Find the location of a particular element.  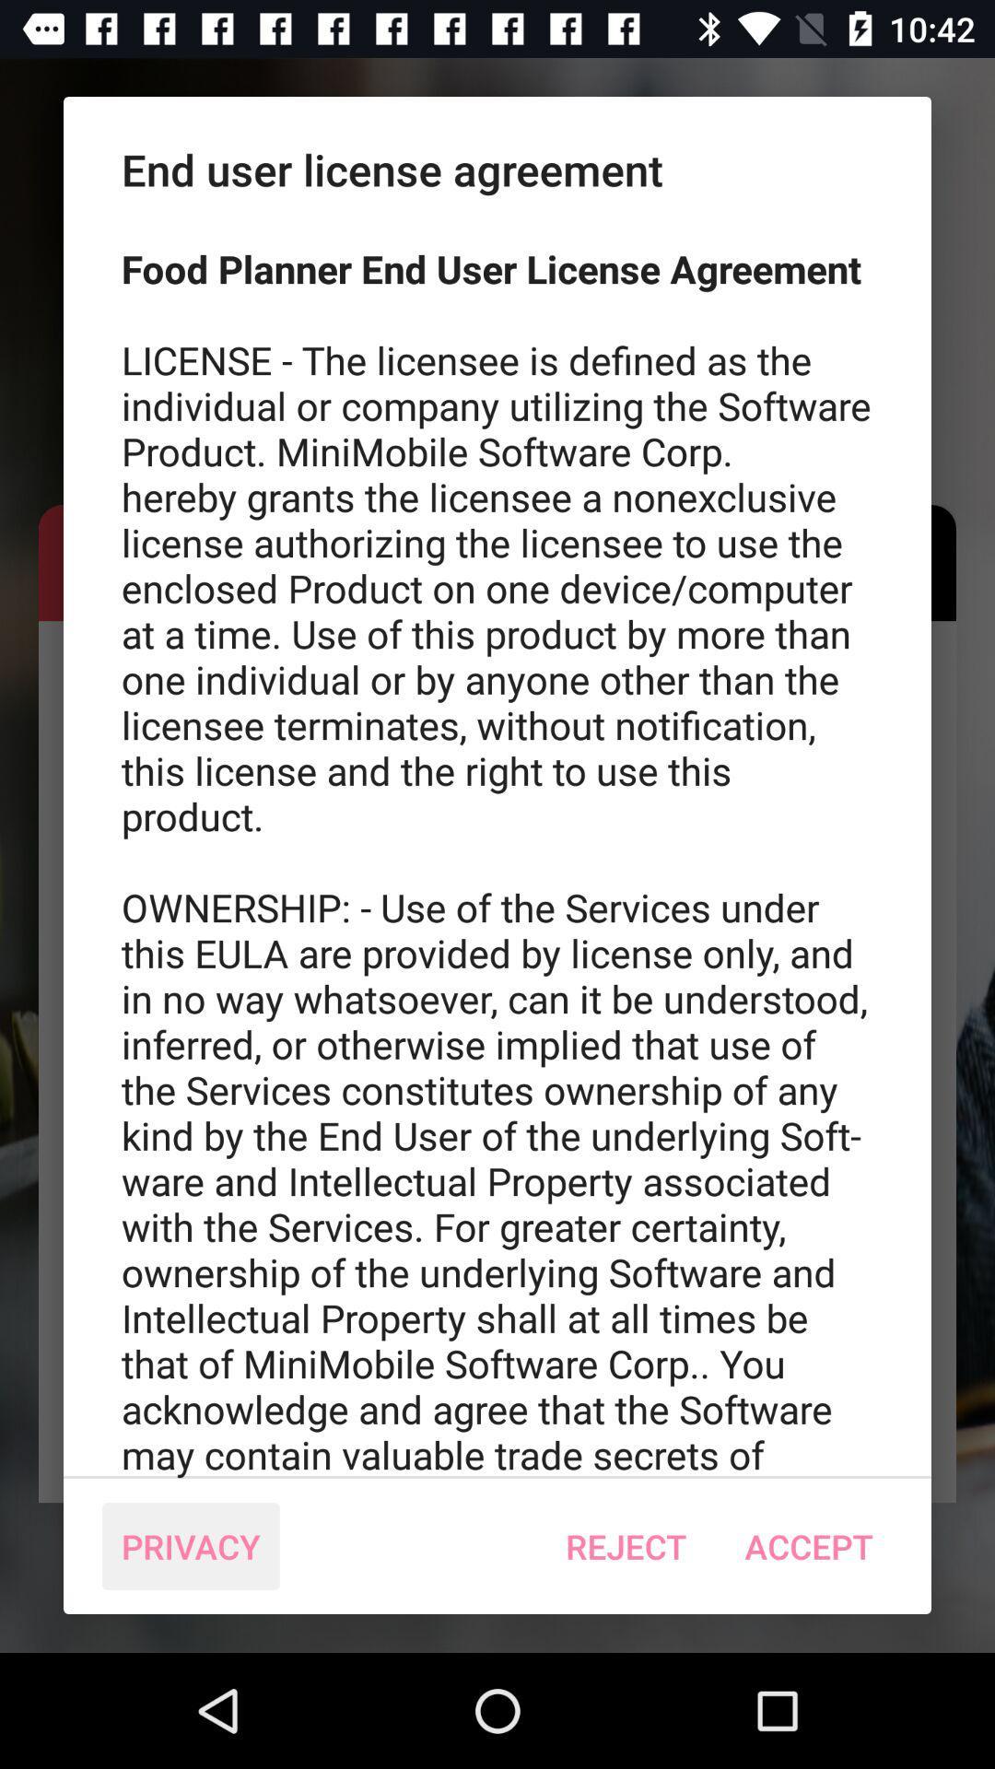

privacy is located at coordinates (191, 1546).